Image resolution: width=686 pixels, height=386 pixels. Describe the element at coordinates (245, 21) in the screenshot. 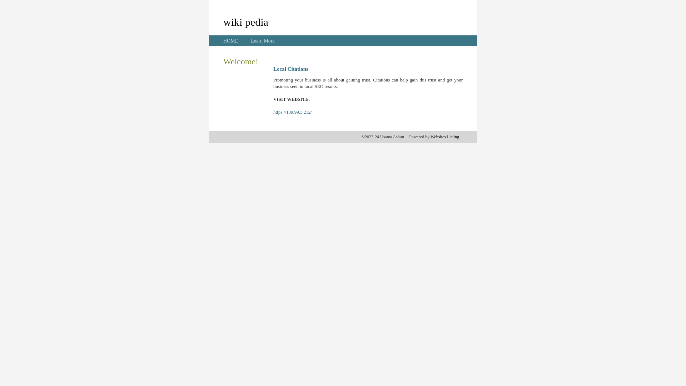

I see `'wiki pedia'` at that location.